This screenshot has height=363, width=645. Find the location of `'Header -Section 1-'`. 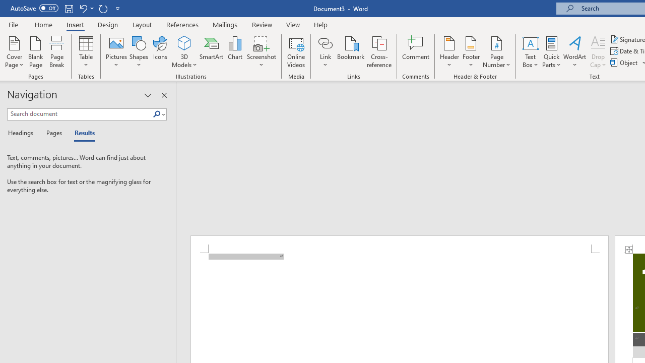

'Header -Section 1-' is located at coordinates (399, 245).